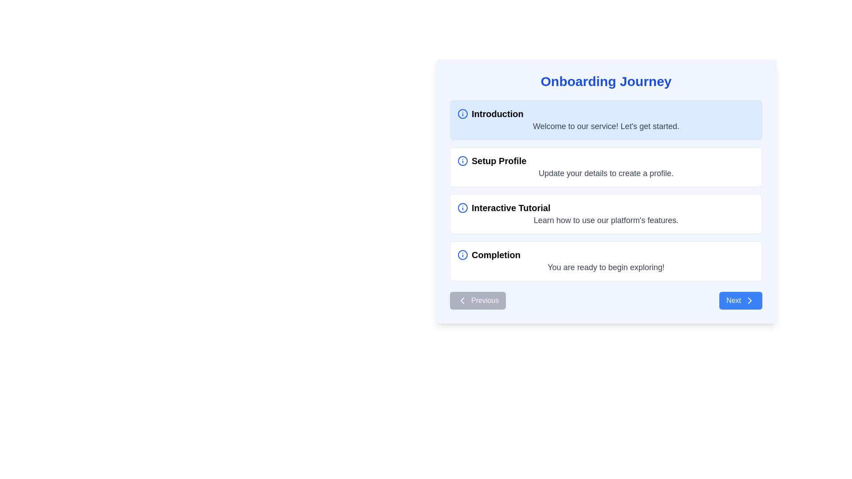 This screenshot has width=852, height=479. Describe the element at coordinates (462, 255) in the screenshot. I see `the informational icon located to the left of the text 'Completion' in the last entry of the vertically arranged list` at that location.